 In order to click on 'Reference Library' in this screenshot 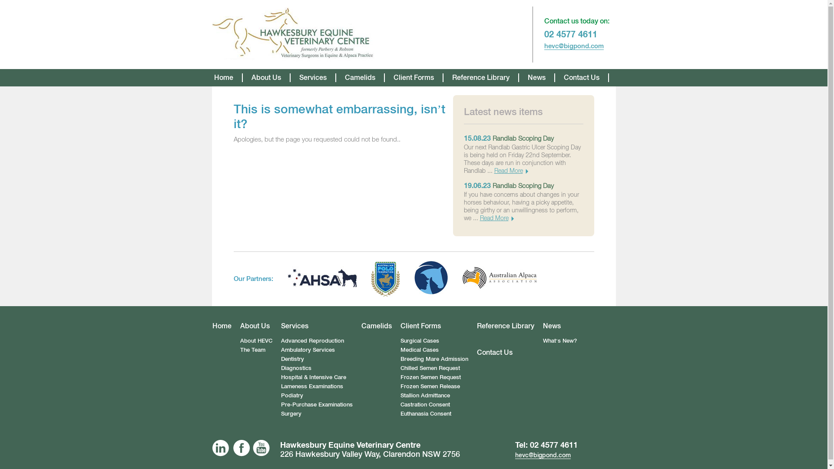, I will do `click(505, 326)`.